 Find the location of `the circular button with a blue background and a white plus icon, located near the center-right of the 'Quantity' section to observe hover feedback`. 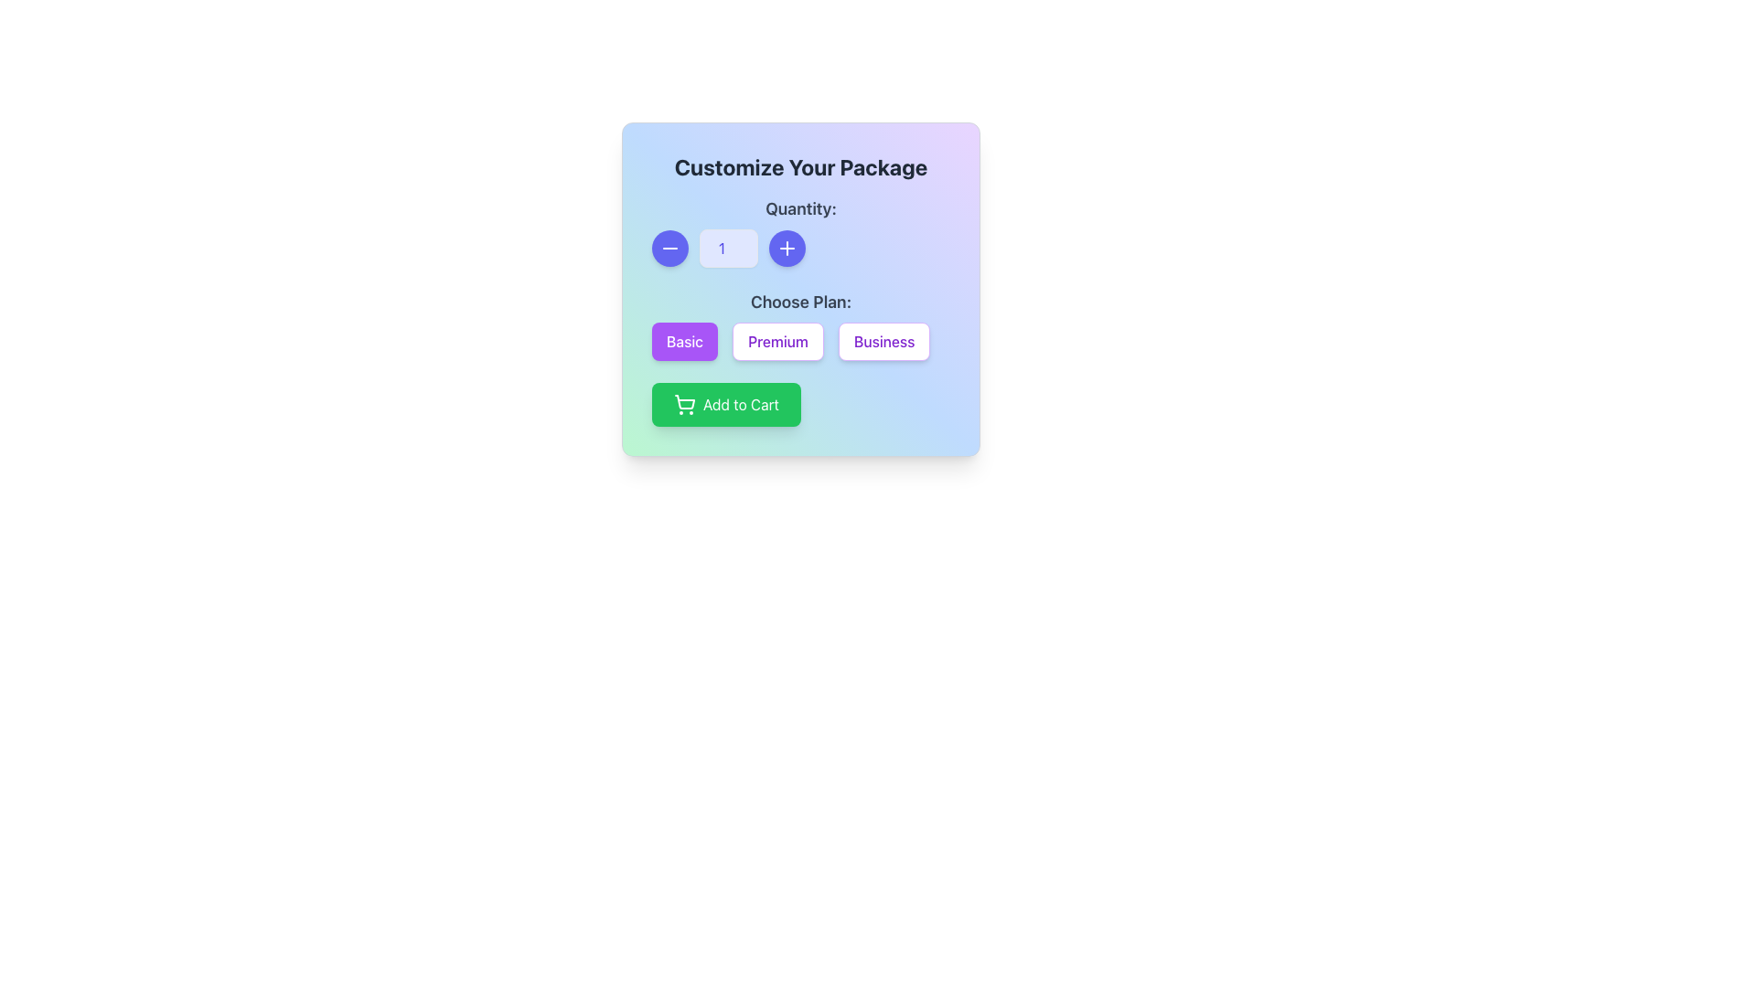

the circular button with a blue background and a white plus icon, located near the center-right of the 'Quantity' section to observe hover feedback is located at coordinates (787, 249).